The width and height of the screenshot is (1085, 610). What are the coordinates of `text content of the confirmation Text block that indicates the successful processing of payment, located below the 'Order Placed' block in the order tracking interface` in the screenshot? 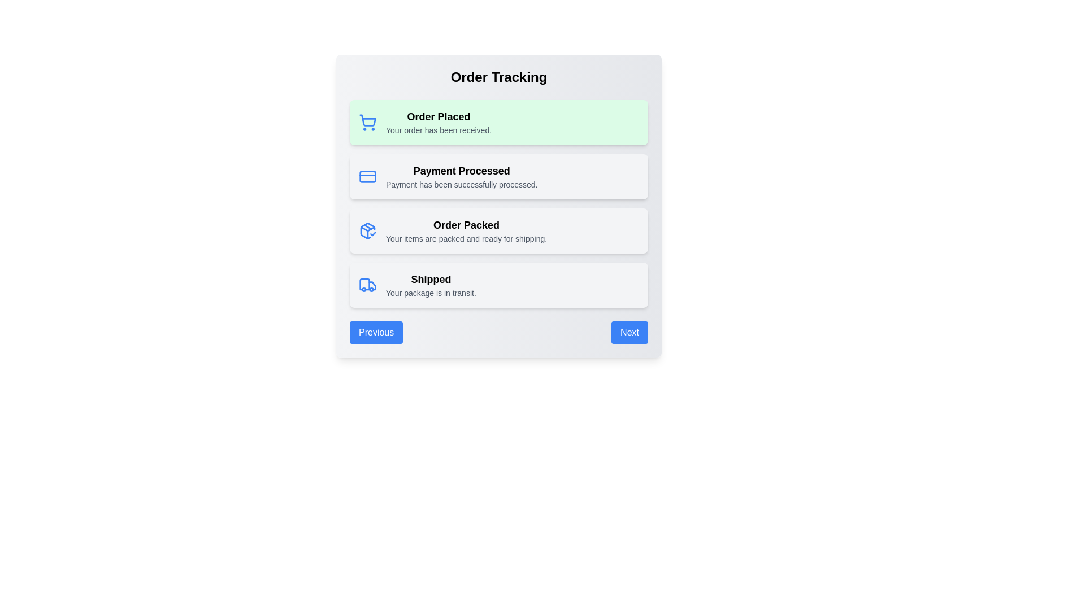 It's located at (462, 176).